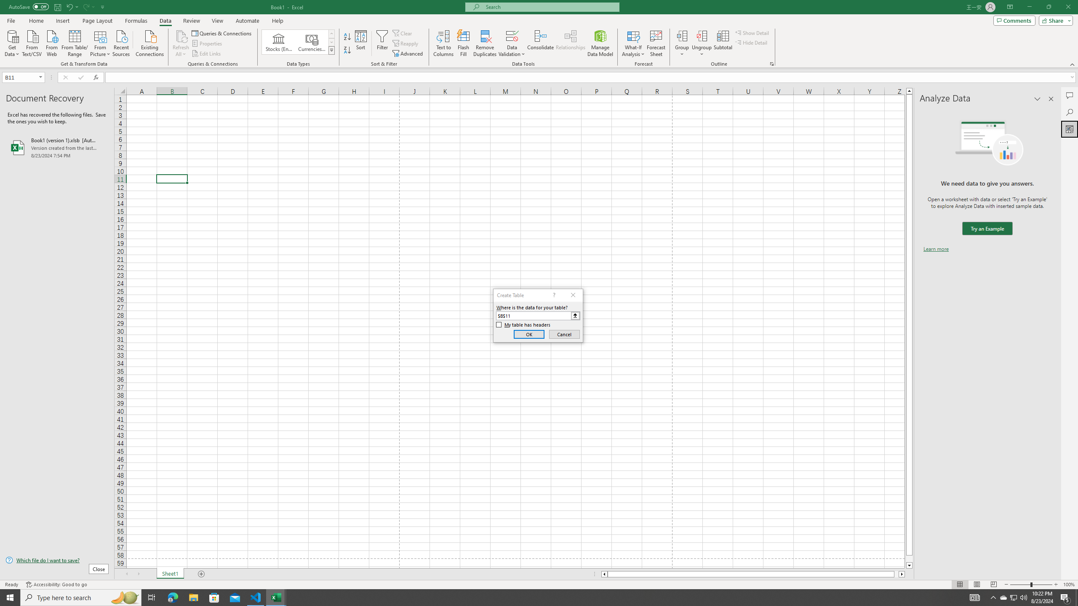 The height and width of the screenshot is (606, 1078). Describe the element at coordinates (1030, 585) in the screenshot. I see `'Zoom'` at that location.